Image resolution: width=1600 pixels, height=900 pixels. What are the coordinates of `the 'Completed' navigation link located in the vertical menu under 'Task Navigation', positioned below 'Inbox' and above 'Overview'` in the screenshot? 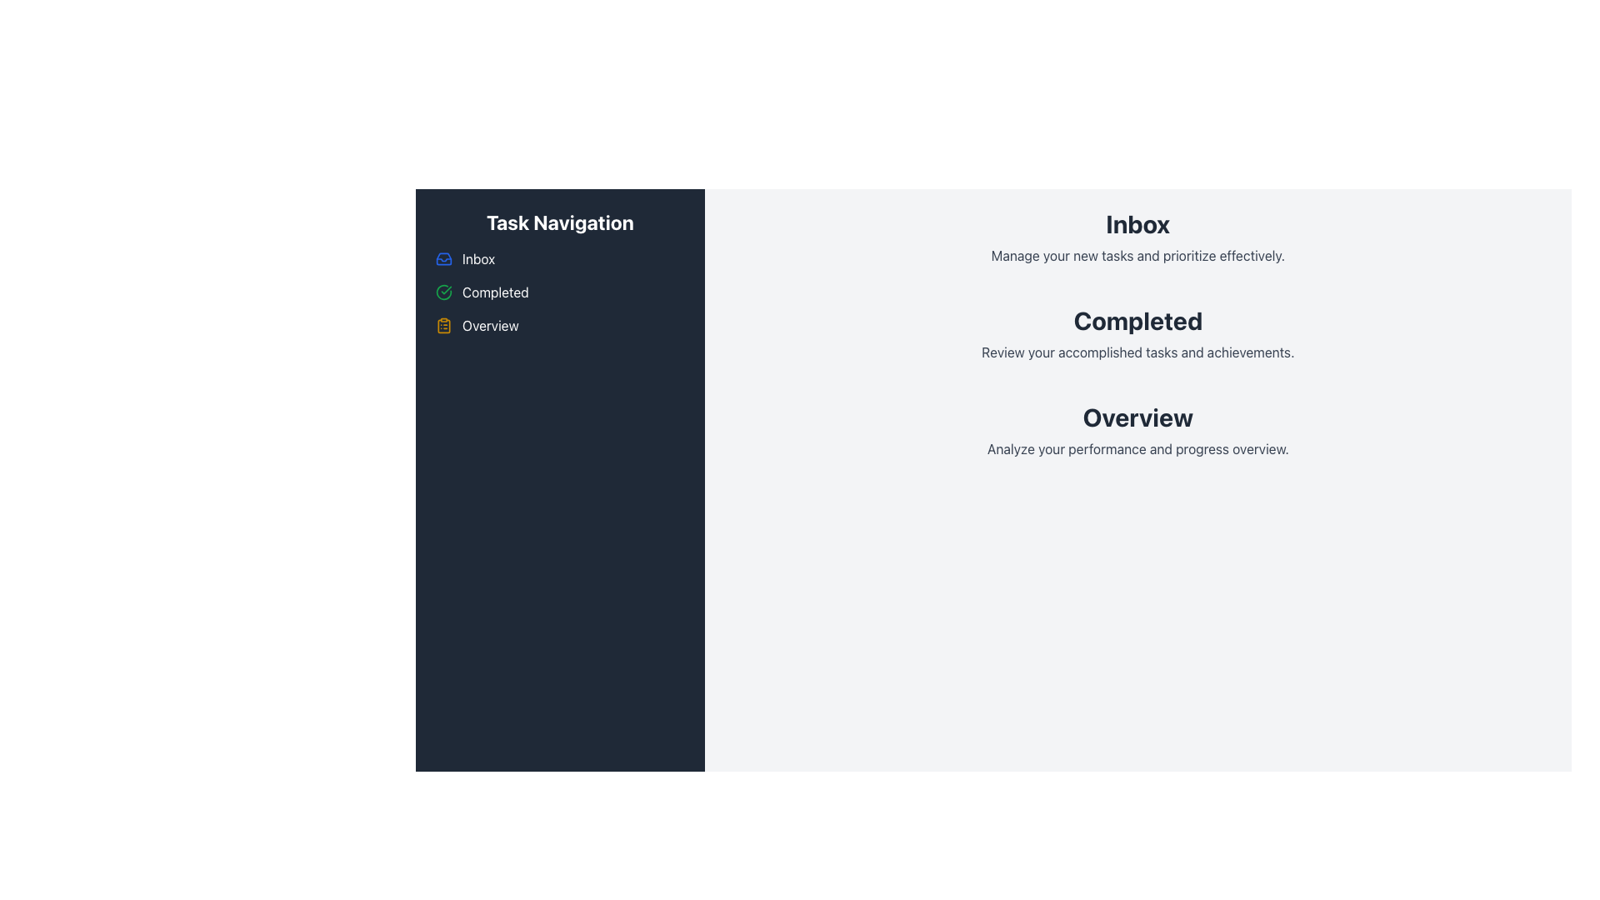 It's located at (560, 292).